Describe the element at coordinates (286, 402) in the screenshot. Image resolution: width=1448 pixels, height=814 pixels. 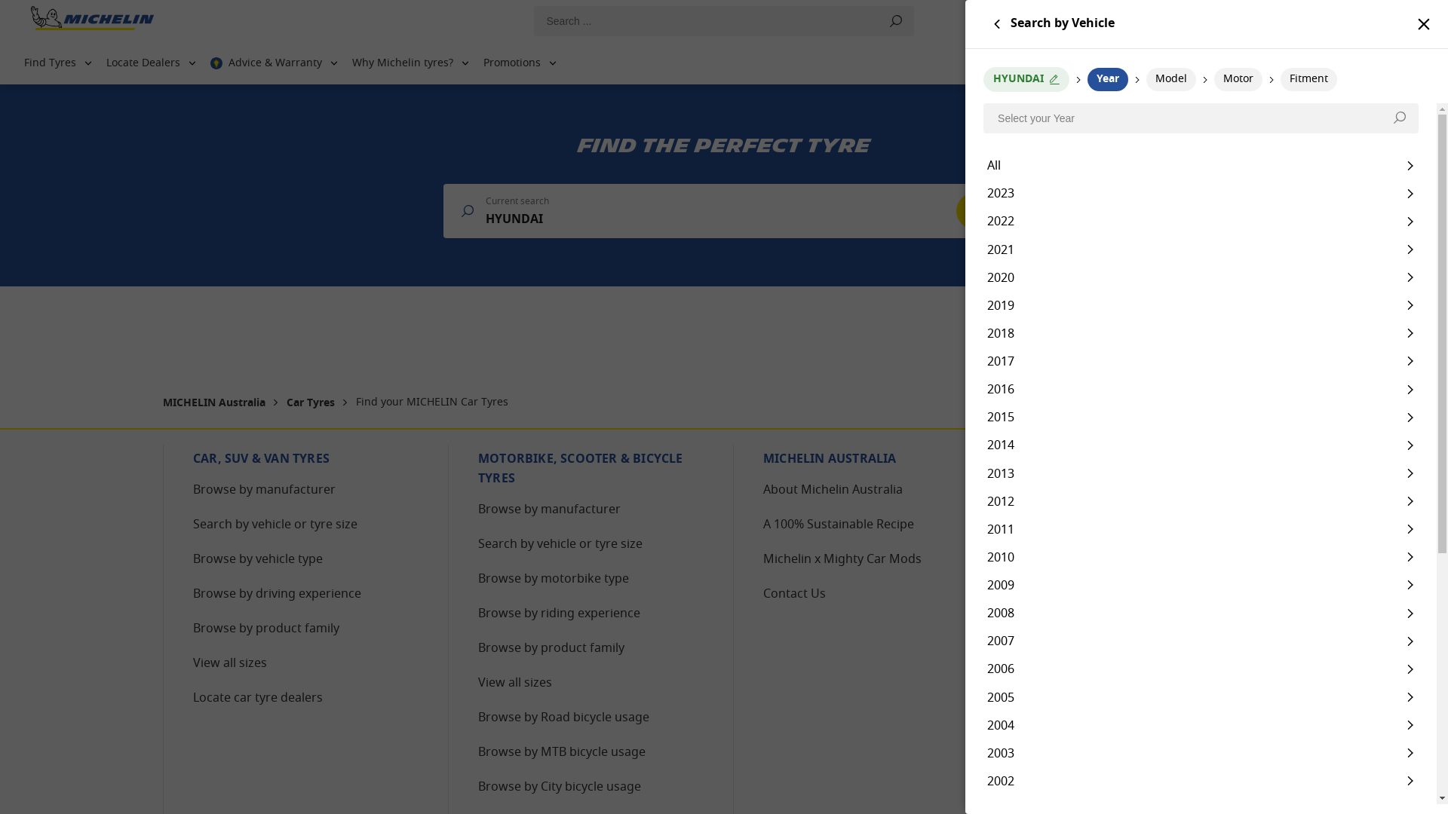
I see `'Car Tyres'` at that location.